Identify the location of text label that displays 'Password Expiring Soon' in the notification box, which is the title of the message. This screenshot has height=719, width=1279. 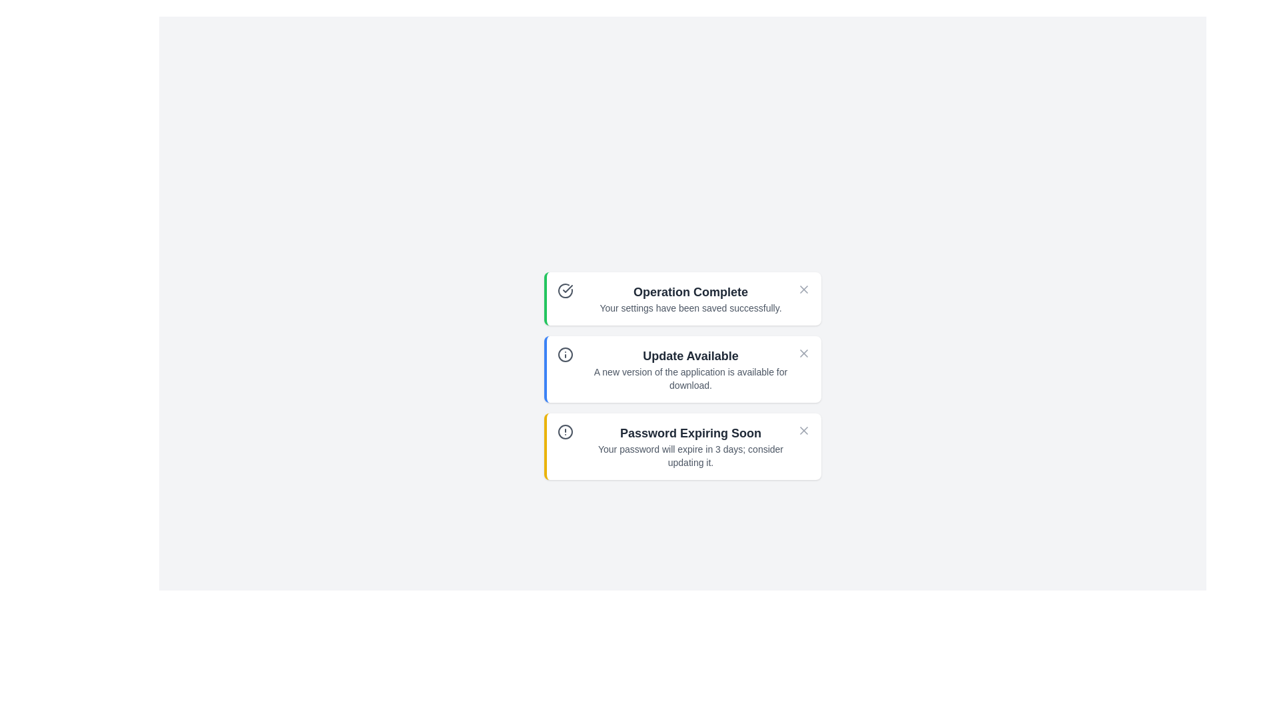
(690, 433).